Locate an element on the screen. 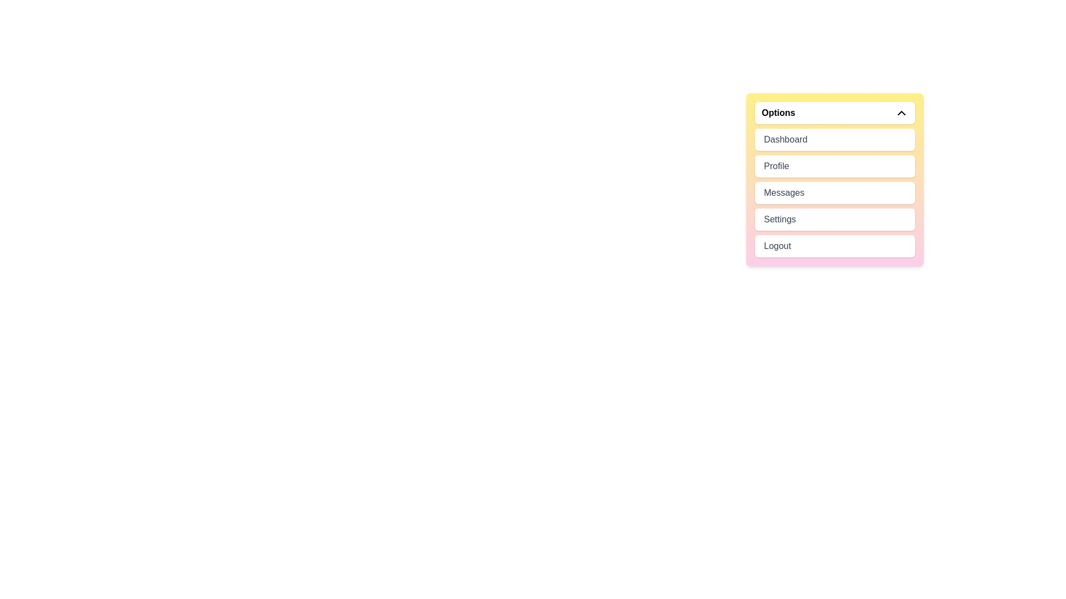  the menu item Profile to highlight it is located at coordinates (834, 166).